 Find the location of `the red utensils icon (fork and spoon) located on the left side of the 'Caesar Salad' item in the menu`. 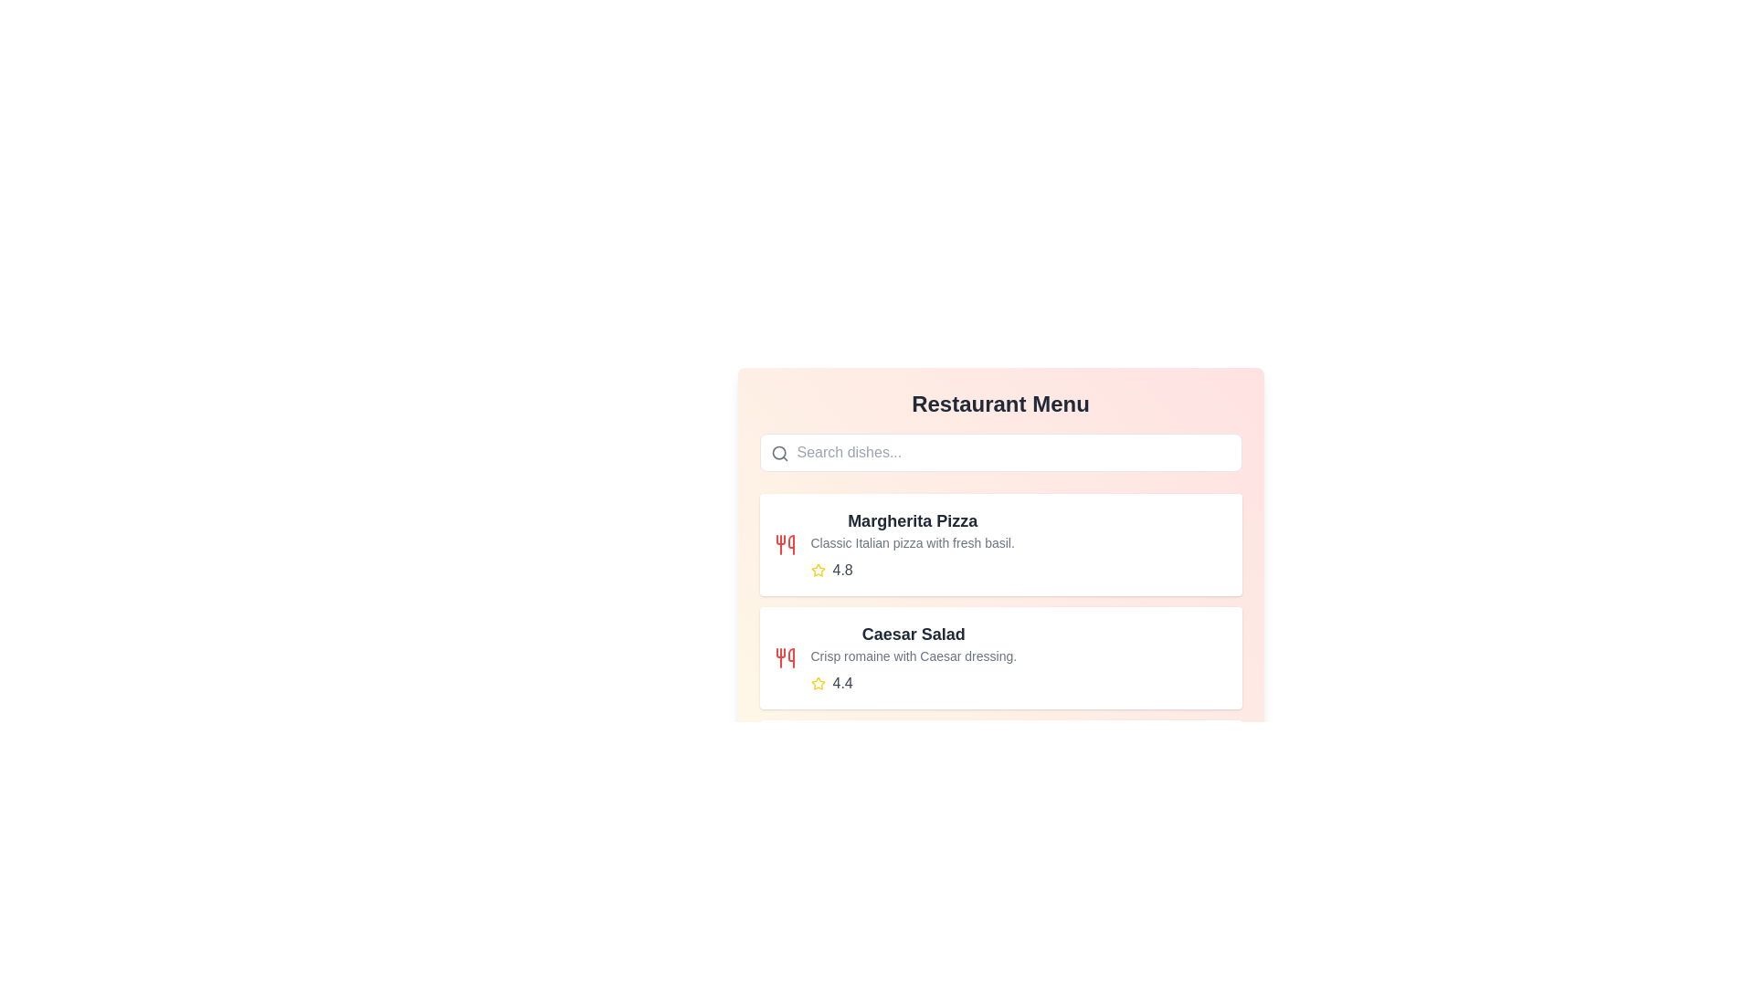

the red utensils icon (fork and spoon) located on the left side of the 'Caesar Salad' item in the menu is located at coordinates (785, 658).